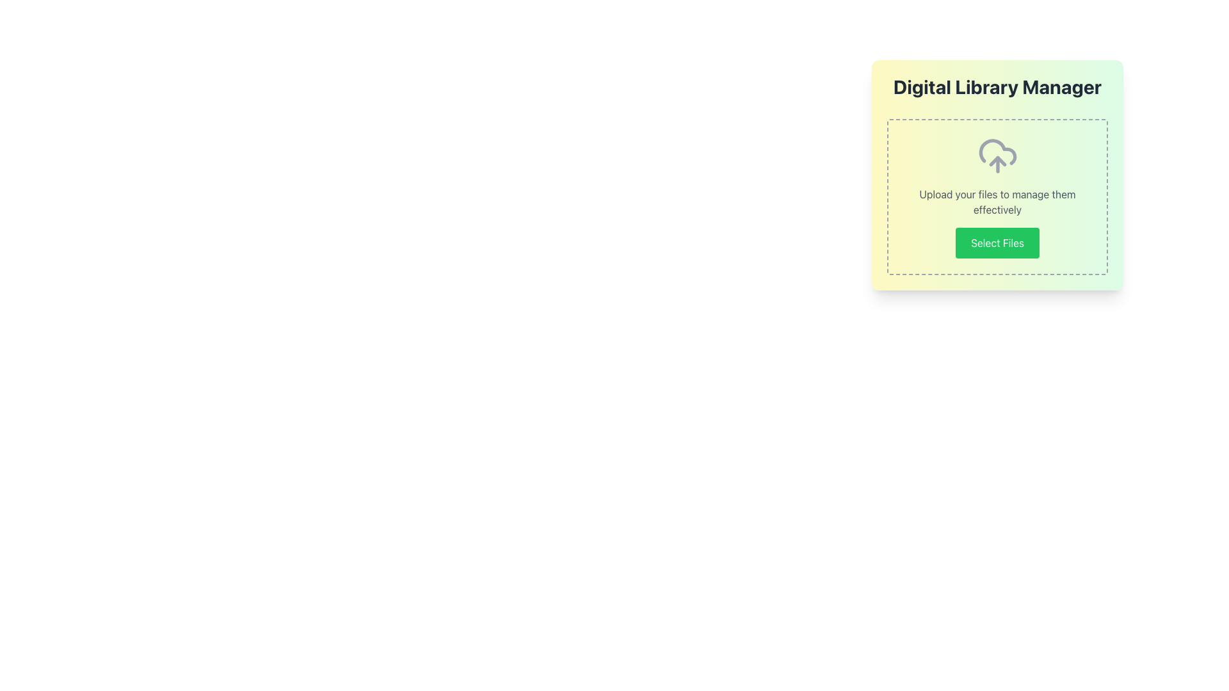  What do you see at coordinates (997, 243) in the screenshot?
I see `the green 'Select Files' button with rounded corners located in the lower half of the 'Digital Library Manager' card` at bounding box center [997, 243].